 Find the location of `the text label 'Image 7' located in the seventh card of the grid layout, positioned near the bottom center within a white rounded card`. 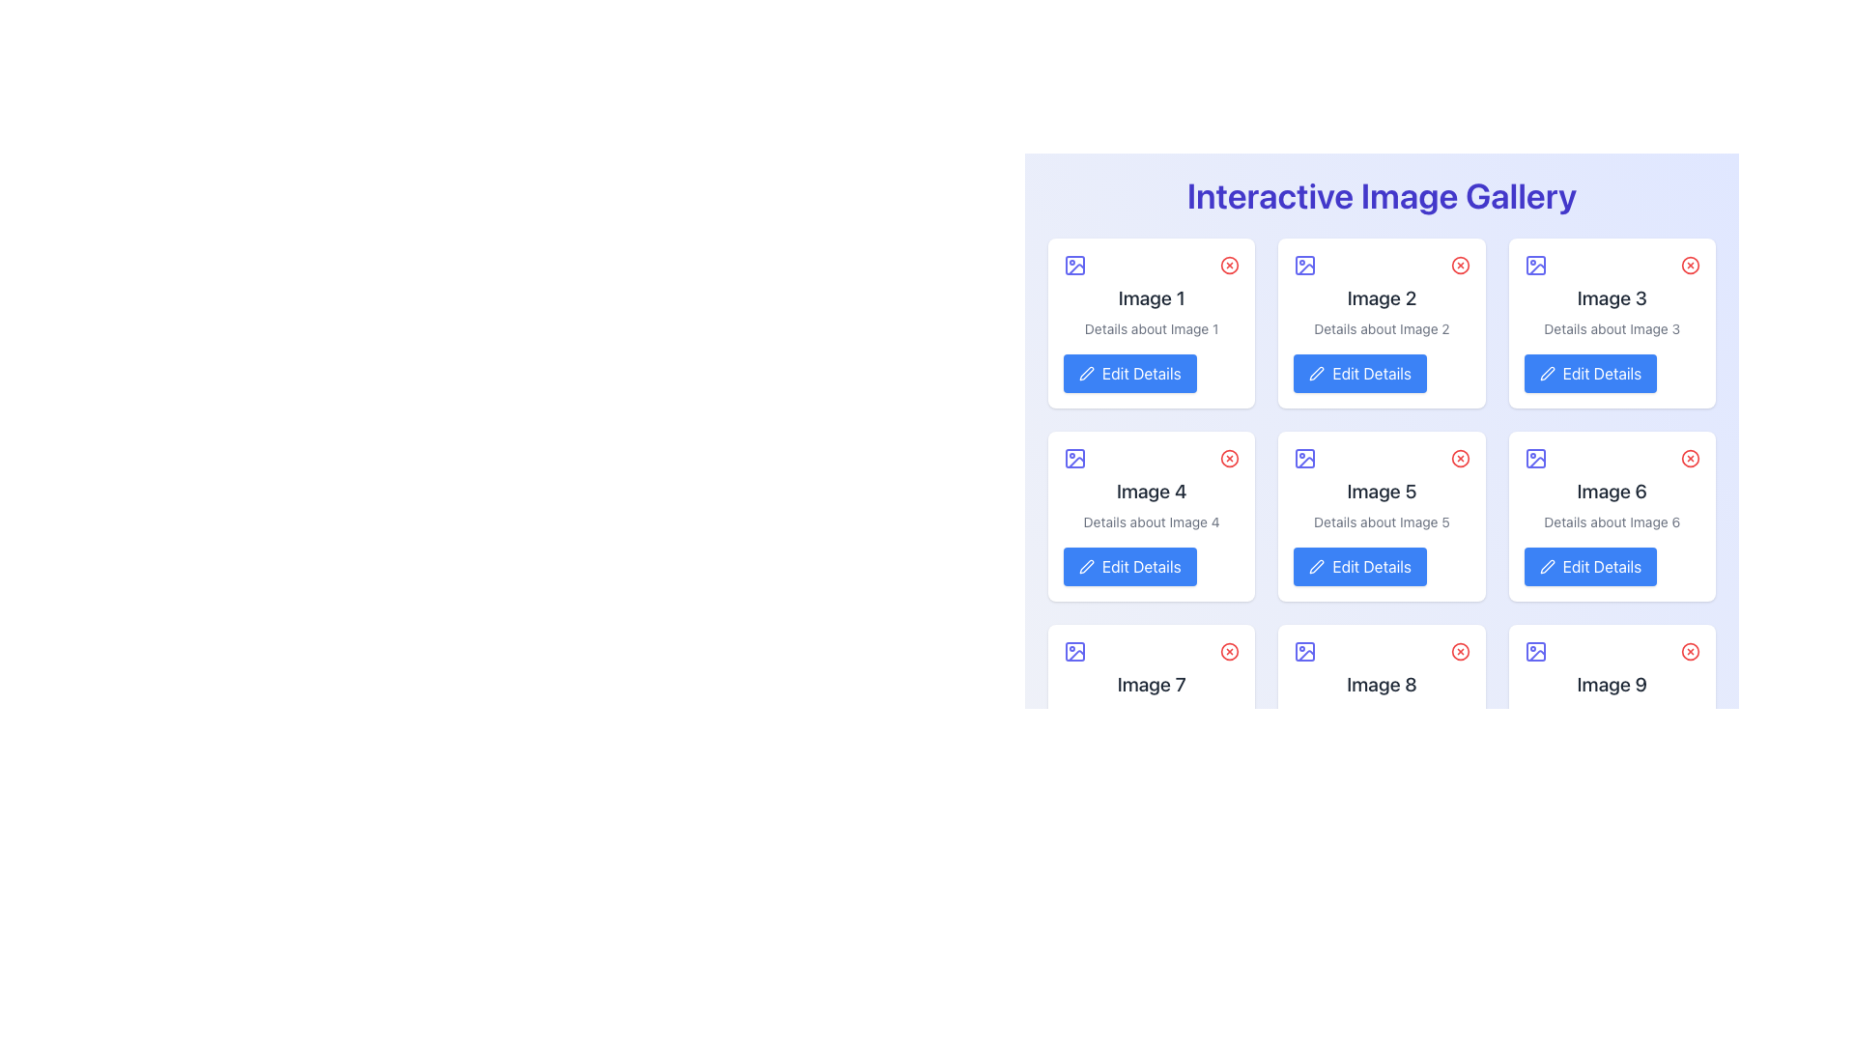

the text label 'Image 7' located in the seventh card of the grid layout, positioned near the bottom center within a white rounded card is located at coordinates (1152, 684).